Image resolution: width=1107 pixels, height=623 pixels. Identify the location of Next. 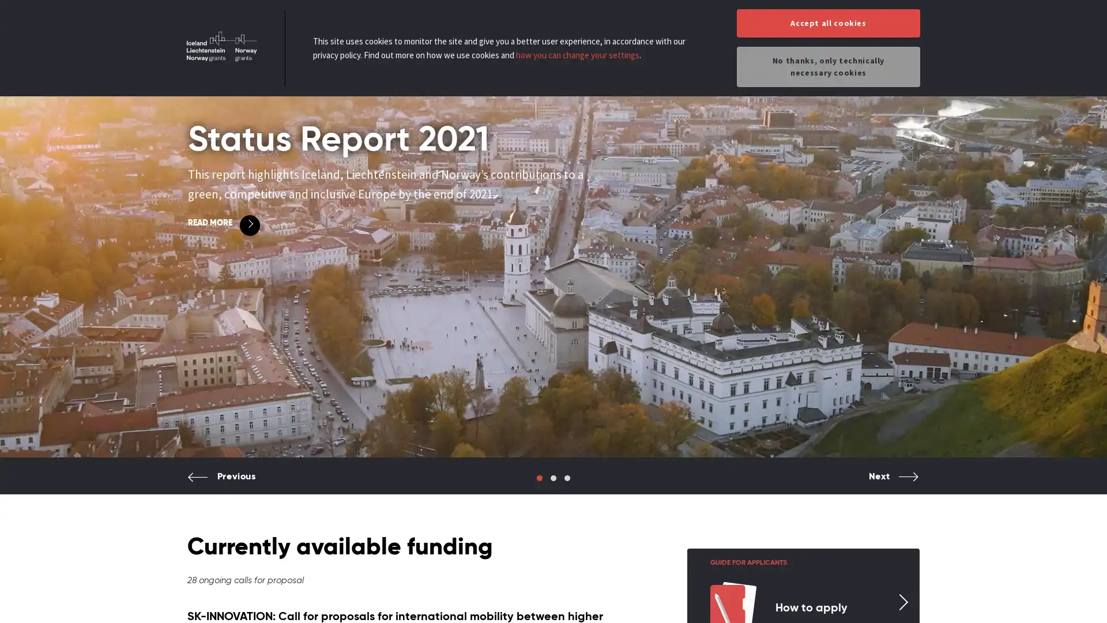
(893, 485).